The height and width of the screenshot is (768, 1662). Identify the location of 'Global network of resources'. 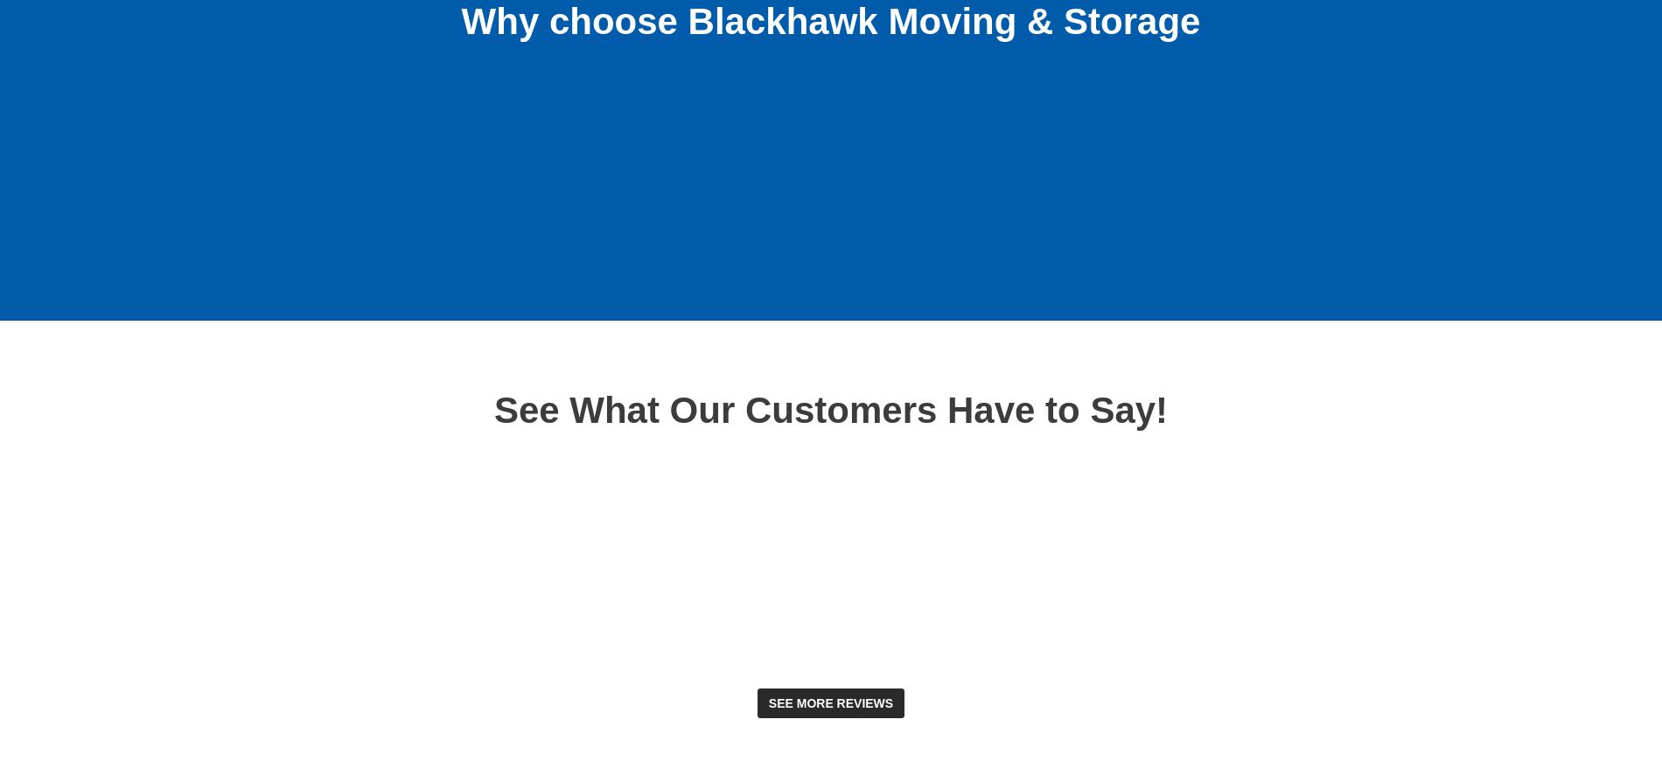
(1177, 128).